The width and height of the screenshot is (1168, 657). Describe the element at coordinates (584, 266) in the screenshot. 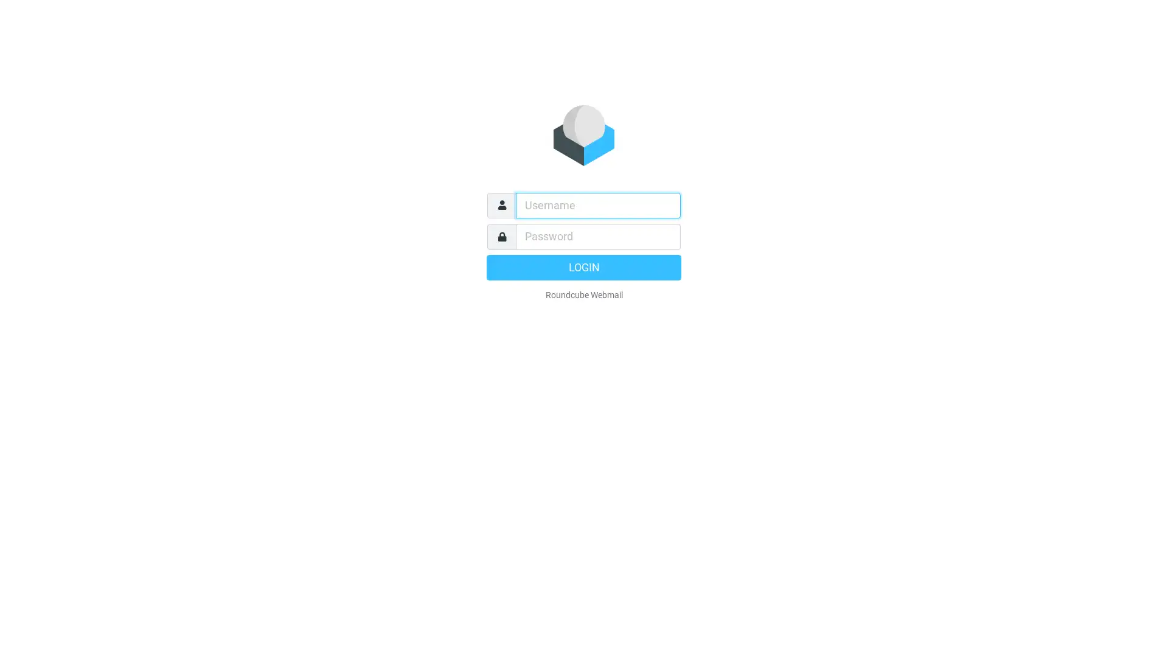

I see `LOGIN` at that location.